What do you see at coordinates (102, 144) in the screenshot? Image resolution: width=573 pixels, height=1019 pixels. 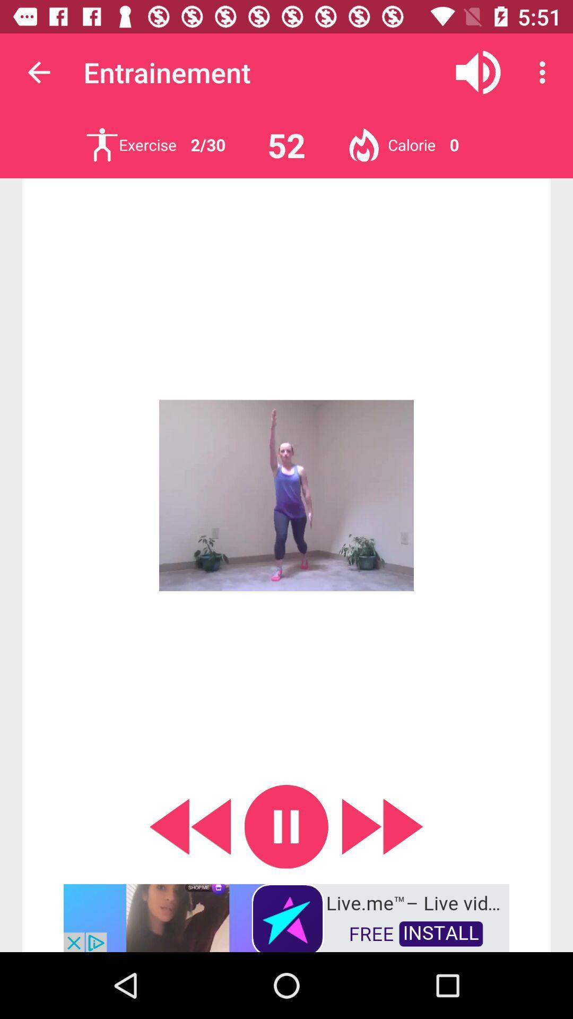 I see `exercise viewers` at bounding box center [102, 144].